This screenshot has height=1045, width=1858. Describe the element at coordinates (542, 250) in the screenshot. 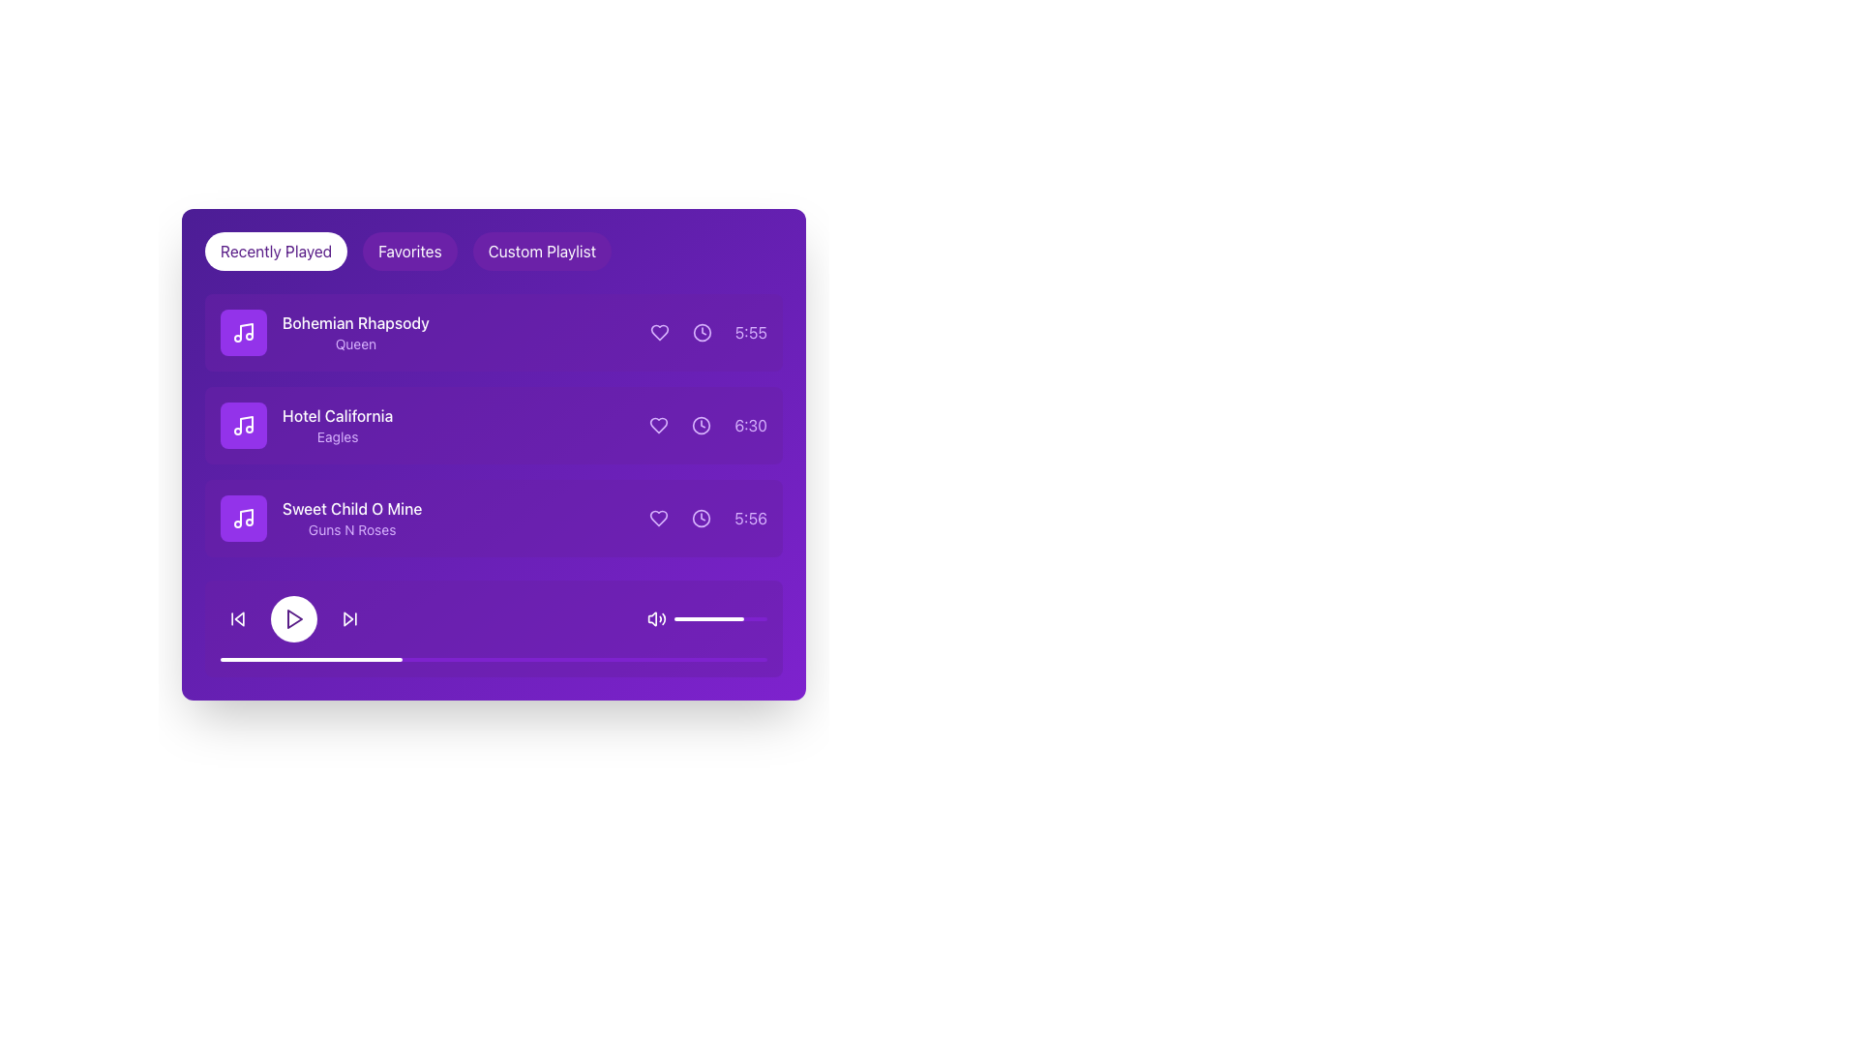

I see `the 'Custom Playlist' button, which has a purple background and white text` at that location.